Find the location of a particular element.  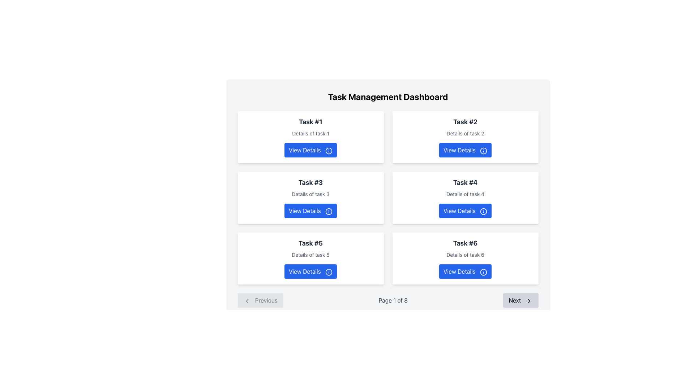

the button located in the second card labeled 'Task #2' is located at coordinates (465, 150).